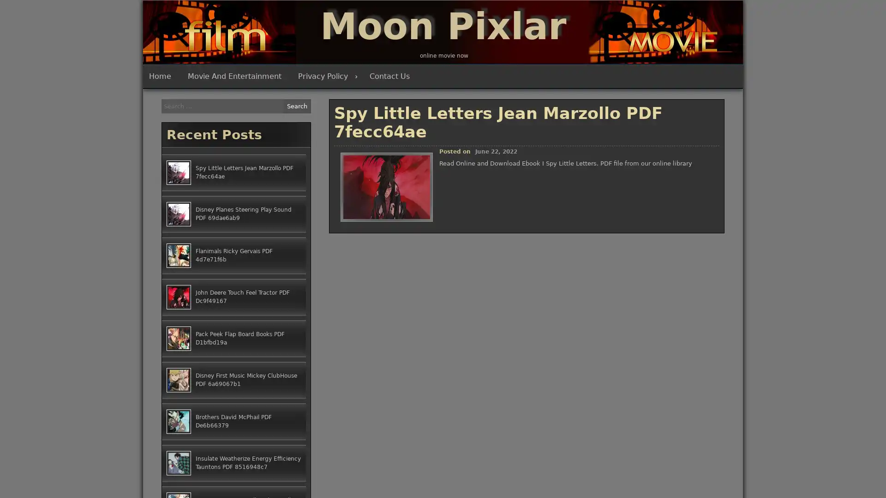 The height and width of the screenshot is (498, 886). Describe the element at coordinates (297, 106) in the screenshot. I see `Search` at that location.